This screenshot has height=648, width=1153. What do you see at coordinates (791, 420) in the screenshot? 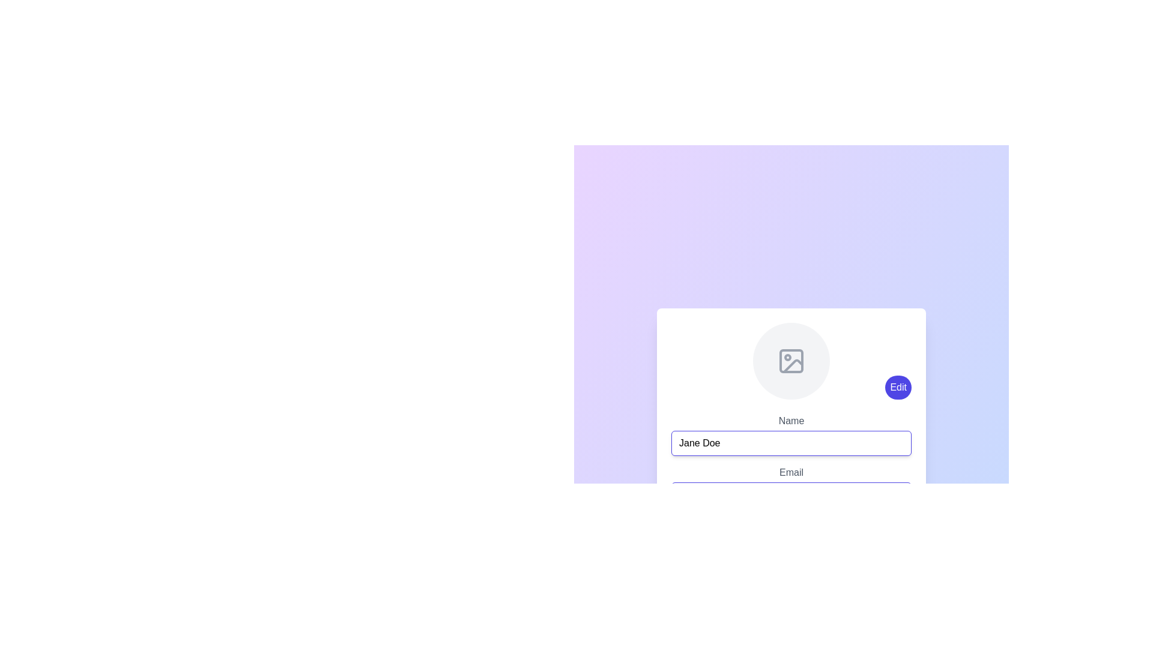
I see `the text label that contains the word 'Name', which is styled in gray and positioned directly above the input field labeled 'Jane Doe'` at bounding box center [791, 420].